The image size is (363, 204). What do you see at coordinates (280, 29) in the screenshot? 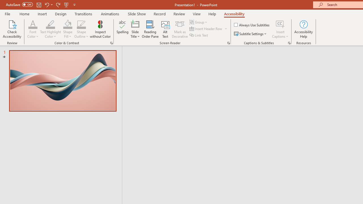
I see `'Insert Captions'` at bounding box center [280, 29].